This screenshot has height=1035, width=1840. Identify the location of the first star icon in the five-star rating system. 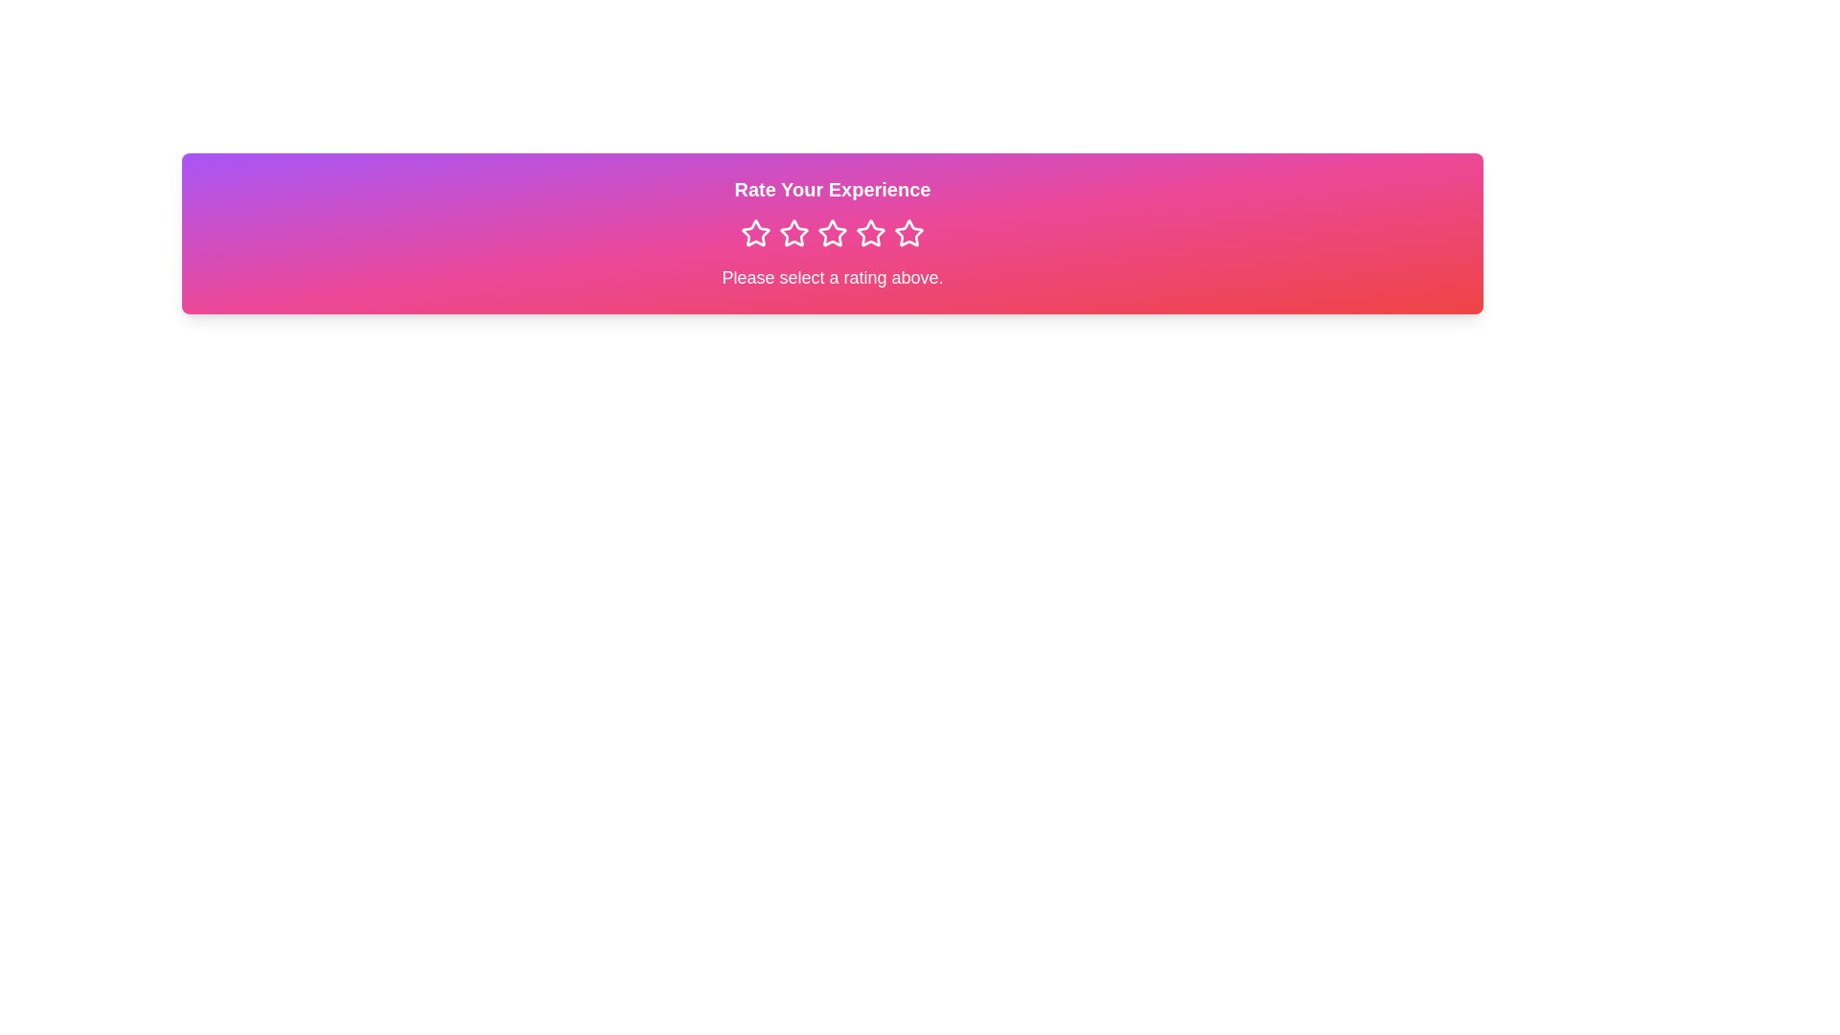
(754, 232).